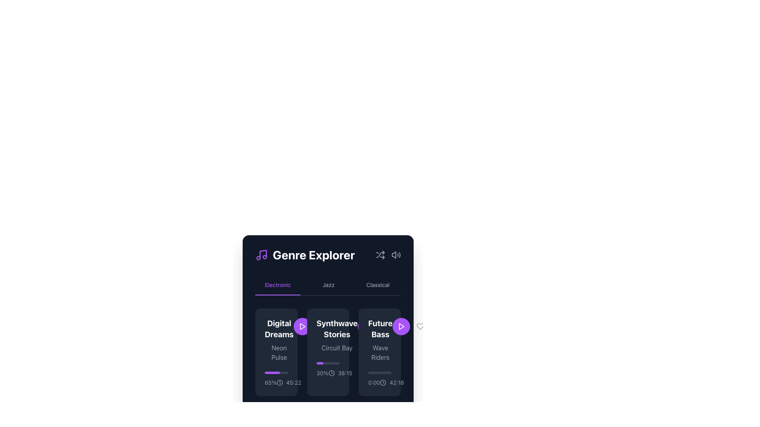  What do you see at coordinates (313, 255) in the screenshot?
I see `the text label displaying 'Genre Explorer', which is a prominent header in bold white font located in the central upper section of the card-like interface` at bounding box center [313, 255].